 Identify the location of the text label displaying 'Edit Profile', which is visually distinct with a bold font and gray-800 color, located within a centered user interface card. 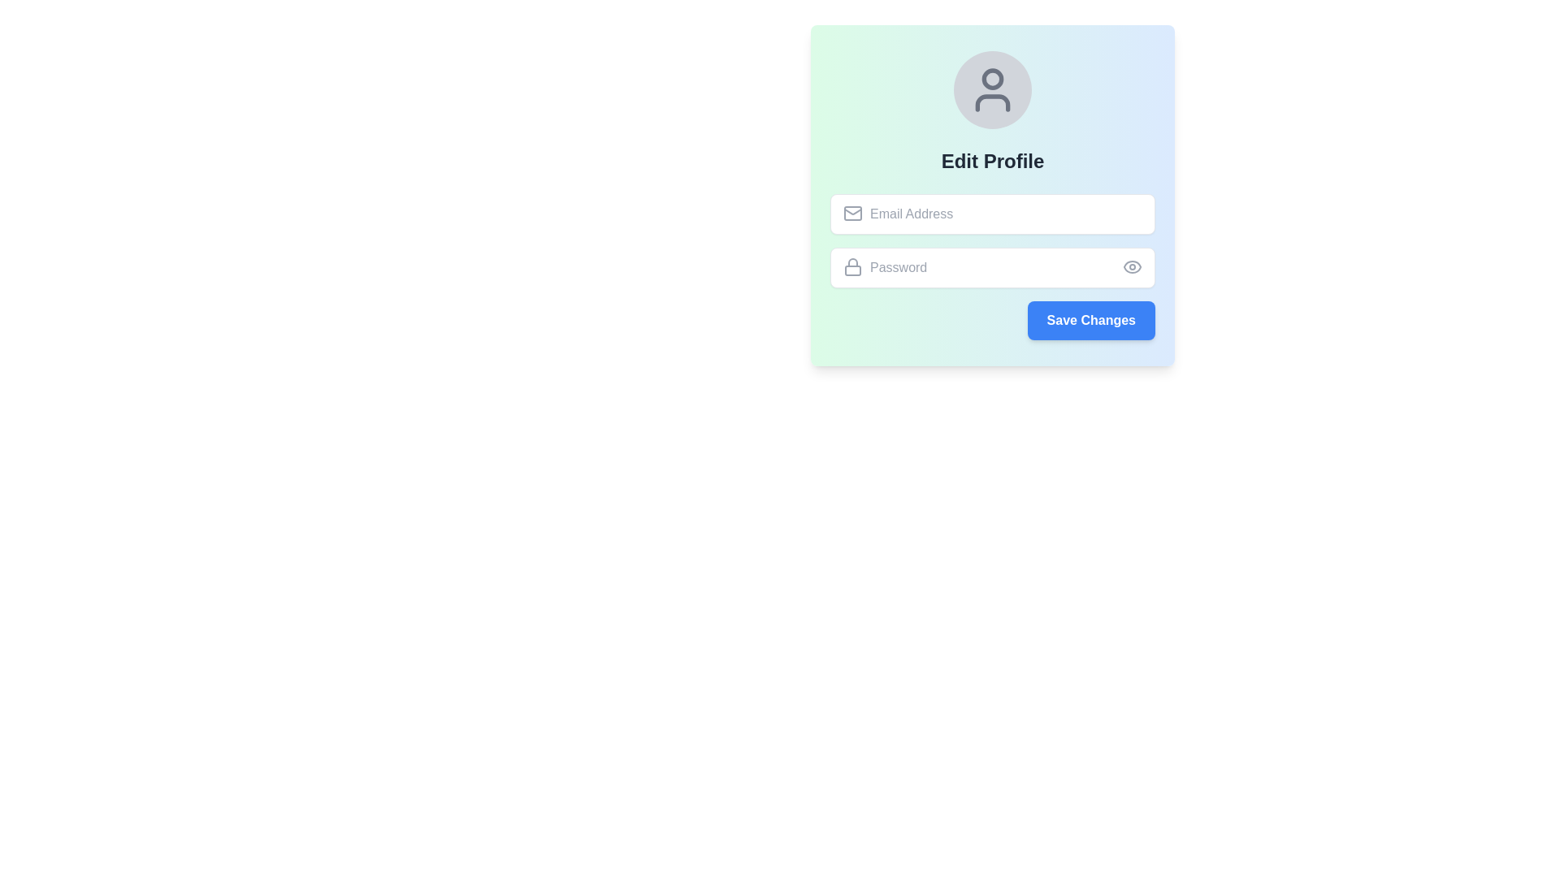
(992, 162).